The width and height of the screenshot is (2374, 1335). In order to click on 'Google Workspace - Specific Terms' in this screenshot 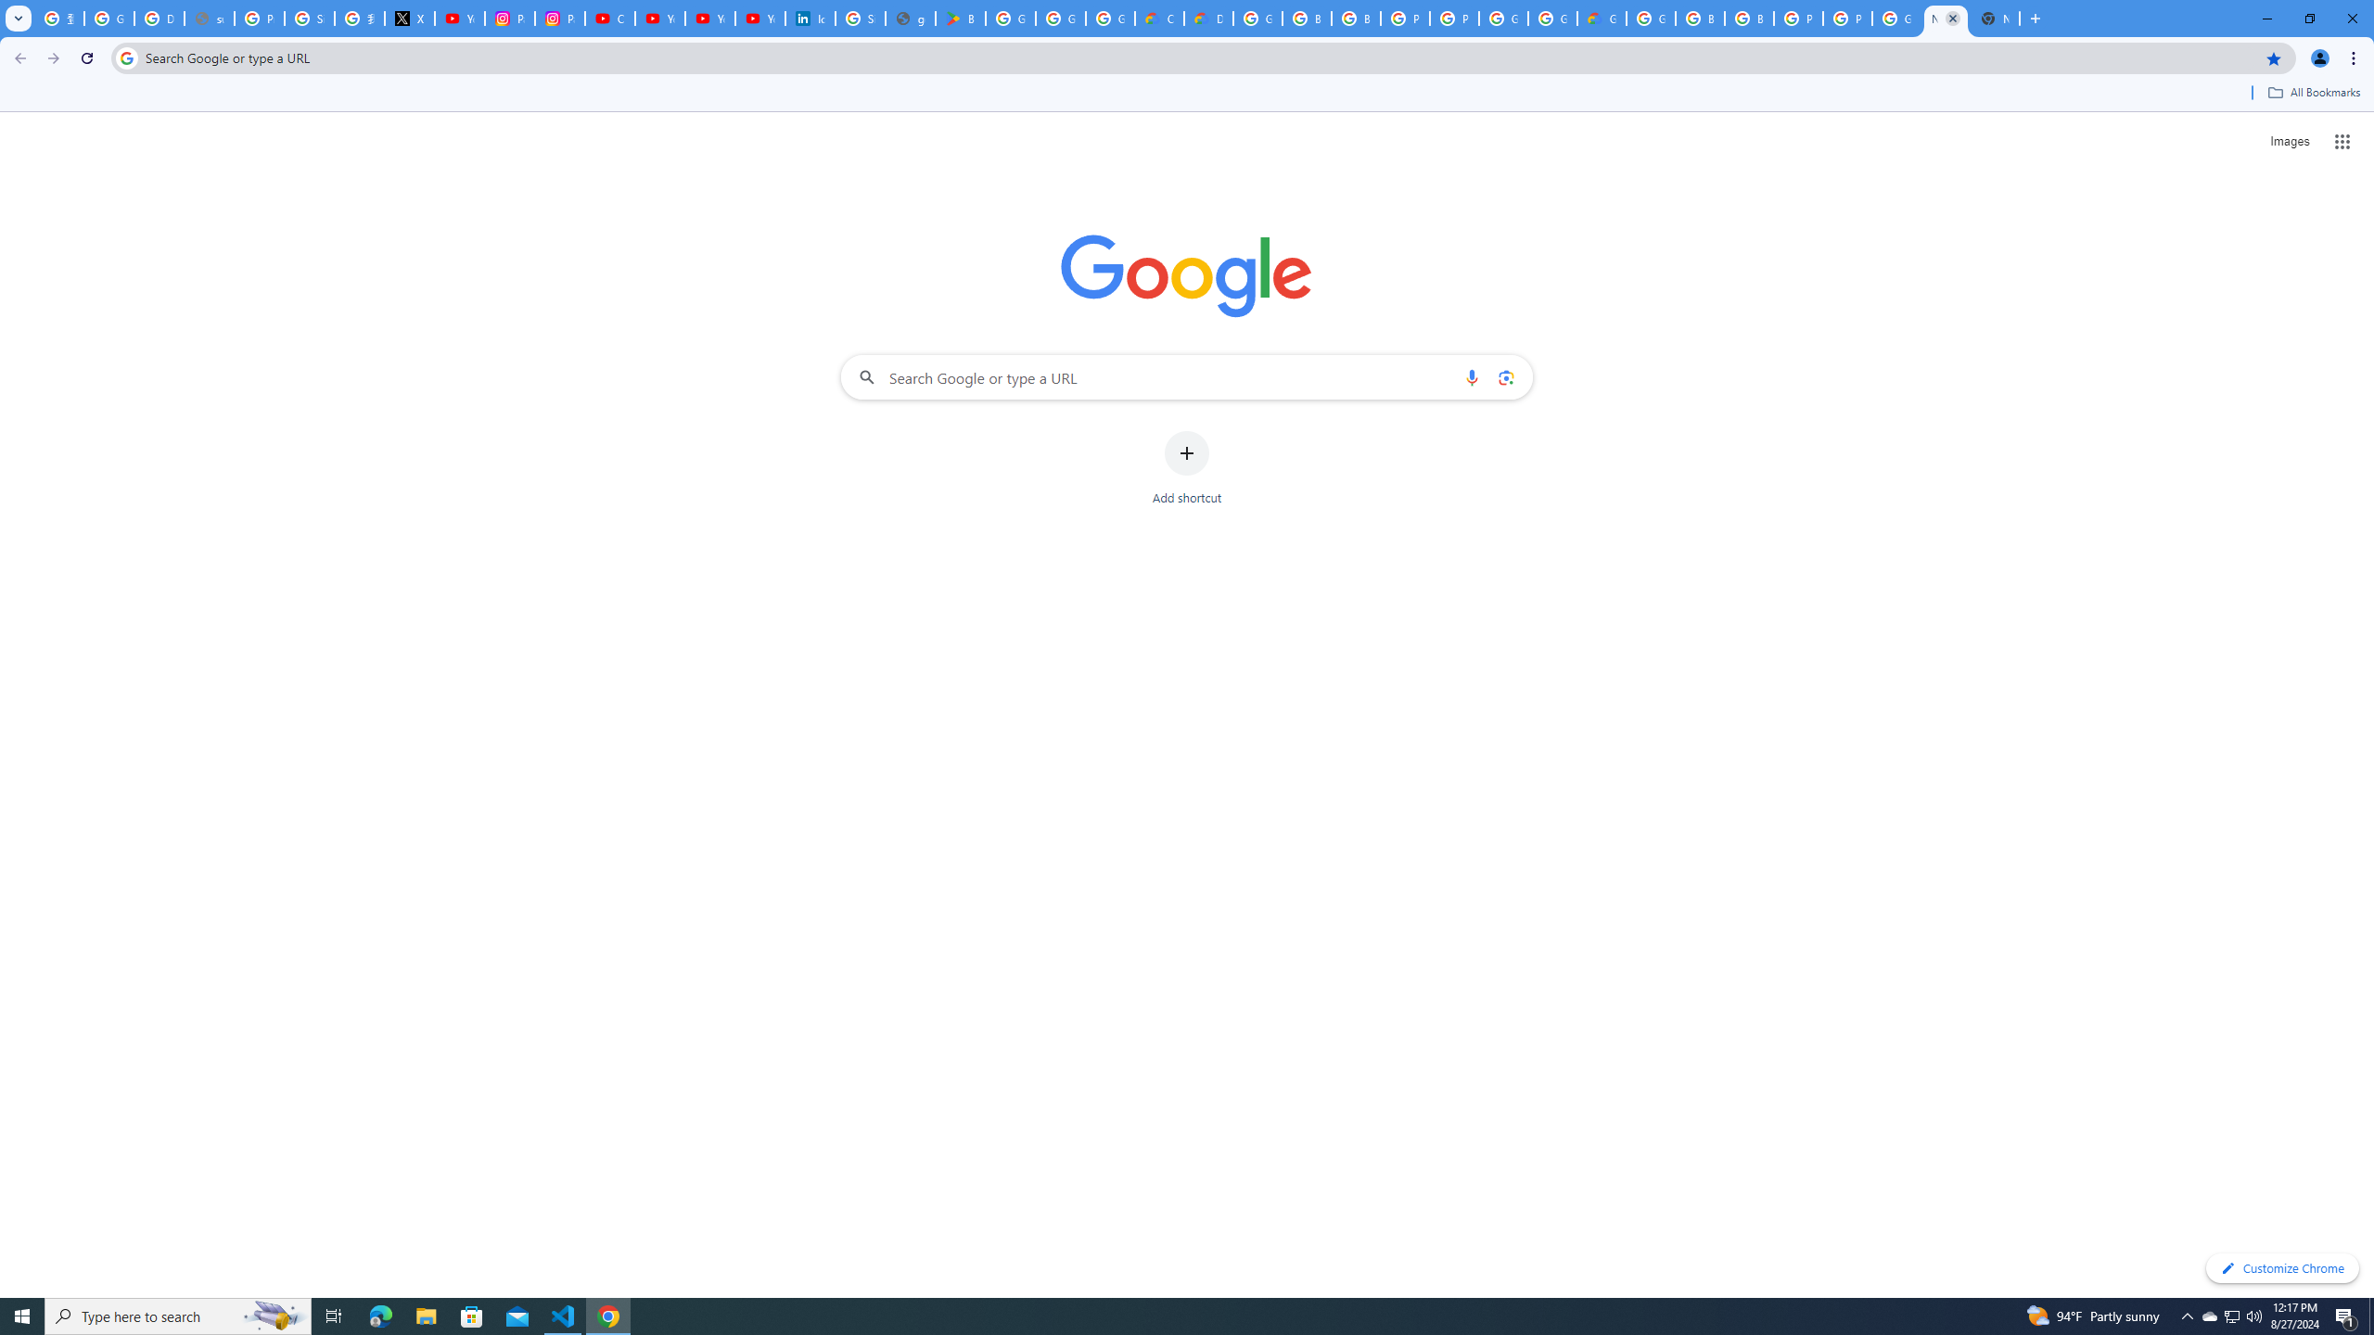, I will do `click(1111, 18)`.